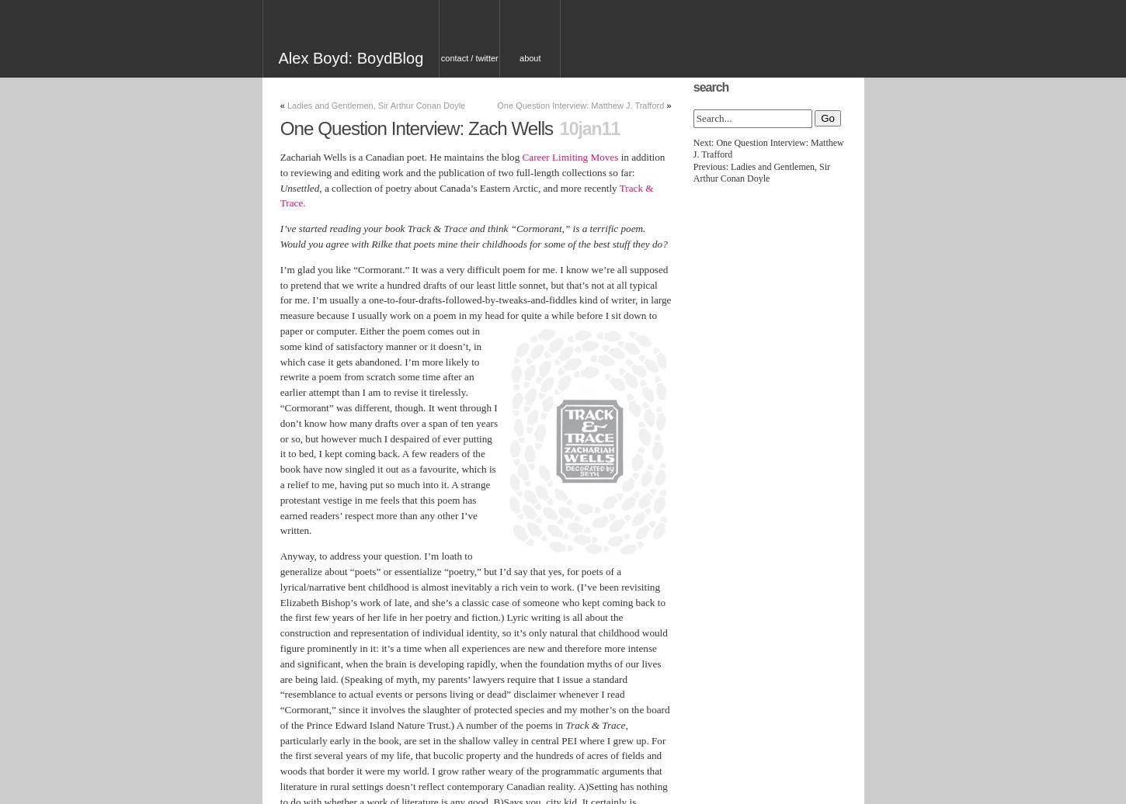 The width and height of the screenshot is (1126, 804). Describe the element at coordinates (520, 157) in the screenshot. I see `'Career Limiting Moves'` at that location.